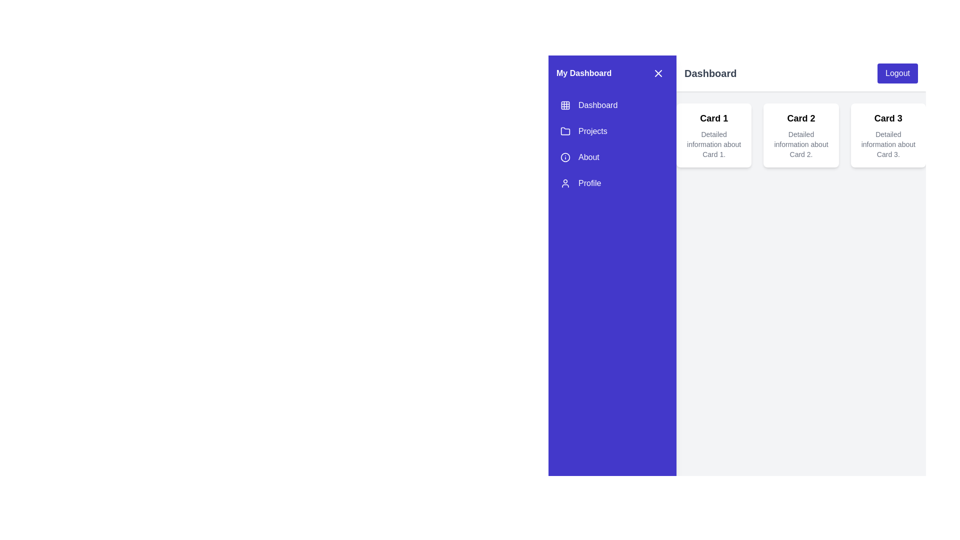 This screenshot has height=540, width=960. Describe the element at coordinates (592, 130) in the screenshot. I see `the 'Projects' label within the sidebar menu` at that location.